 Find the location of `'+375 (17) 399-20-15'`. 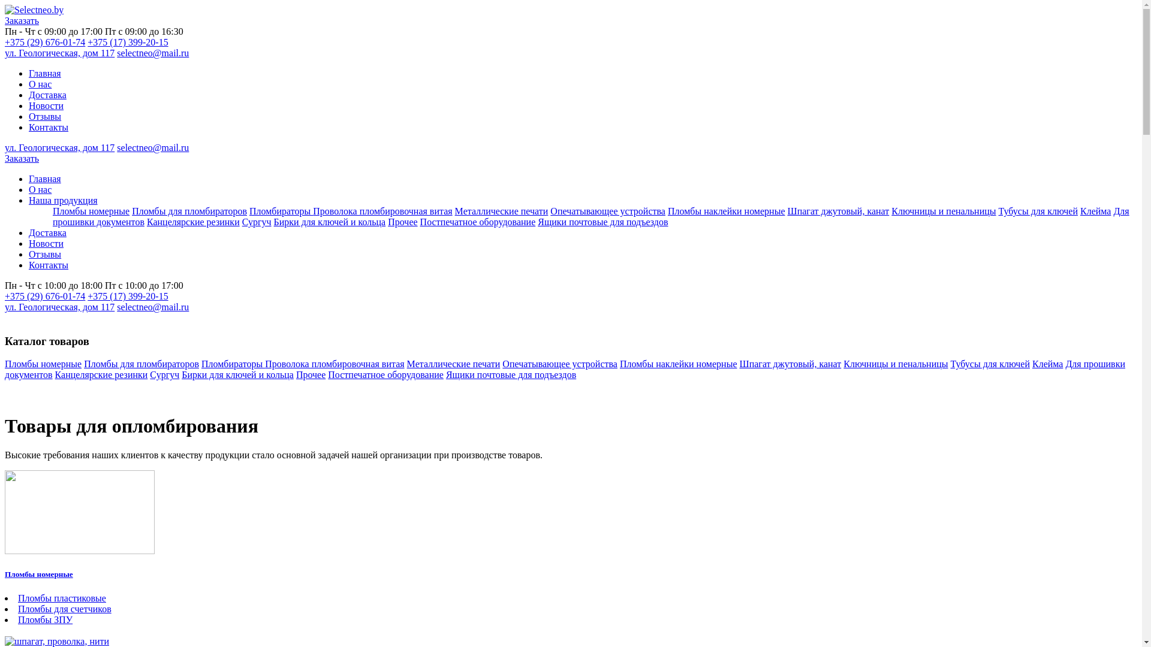

'+375 (17) 399-20-15' is located at coordinates (127, 41).